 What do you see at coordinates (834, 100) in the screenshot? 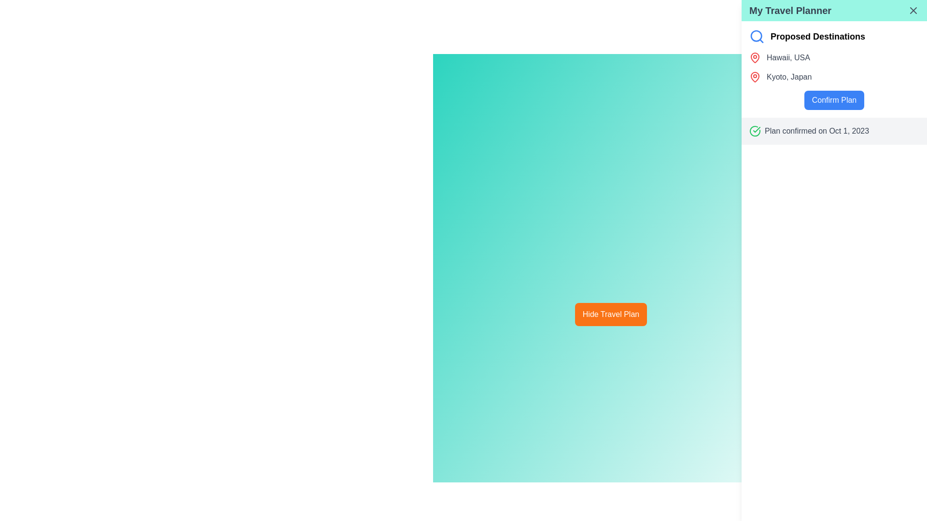
I see `the confirm button located below the 'Proposed Destinations' section to confirm the user's travel plans` at bounding box center [834, 100].